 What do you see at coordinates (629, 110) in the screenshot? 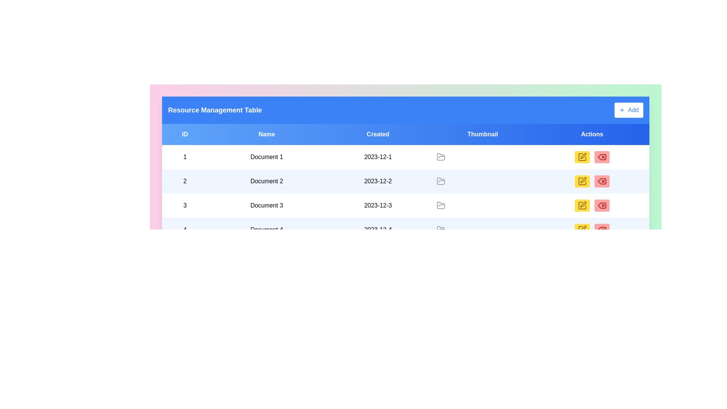
I see `'Add' button to add a new item to the table` at bounding box center [629, 110].